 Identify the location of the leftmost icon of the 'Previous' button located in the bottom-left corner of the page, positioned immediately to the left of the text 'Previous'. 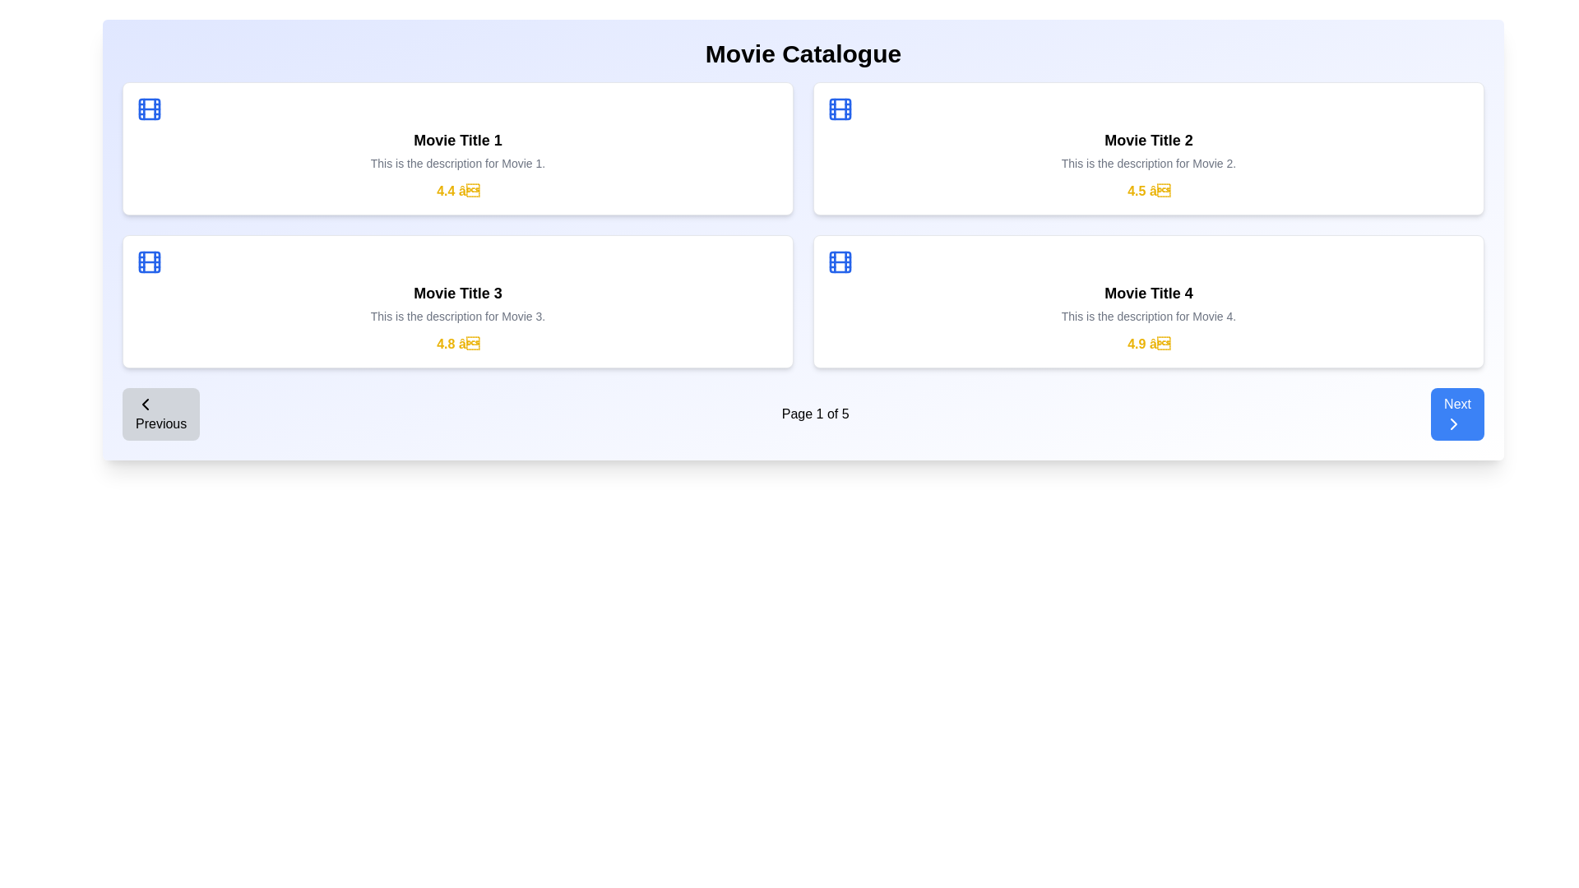
(146, 405).